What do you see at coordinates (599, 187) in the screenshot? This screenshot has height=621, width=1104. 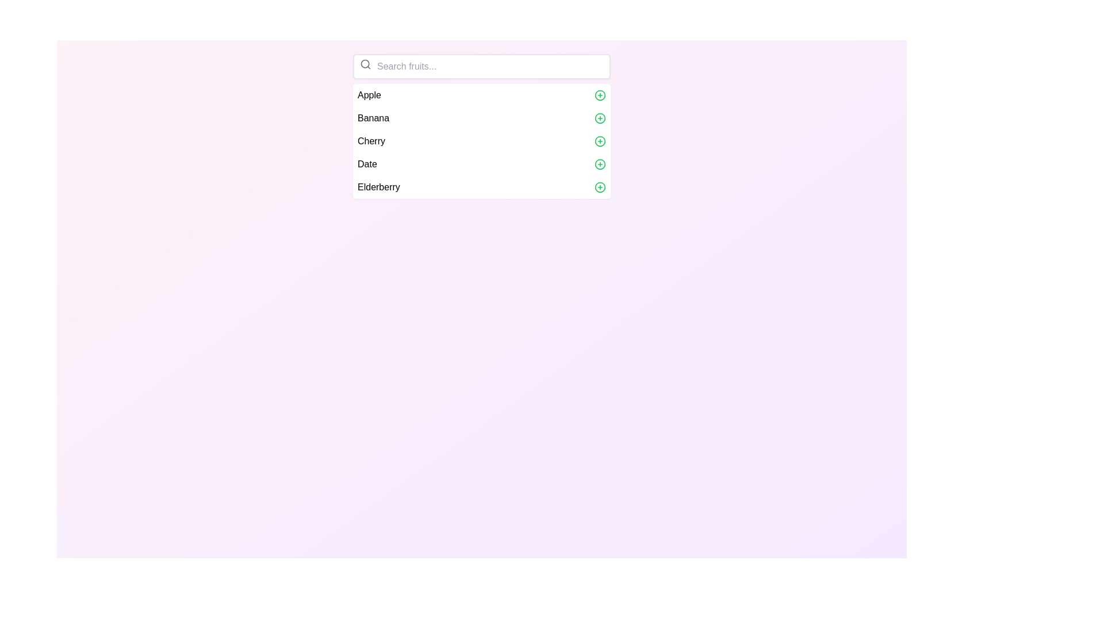 I see `the circular button or icon located to the right of the text 'Elderberry' in the fifth row` at bounding box center [599, 187].